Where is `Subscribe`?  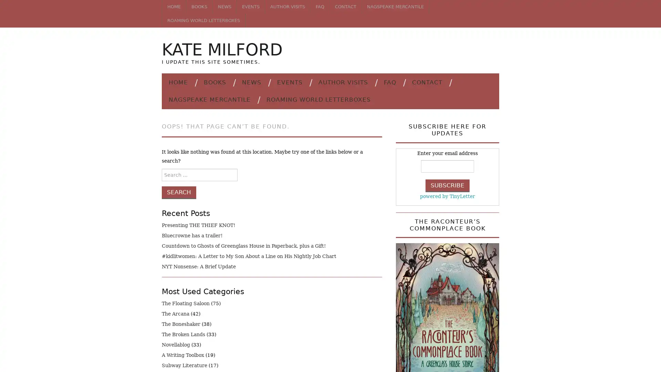
Subscribe is located at coordinates (448, 185).